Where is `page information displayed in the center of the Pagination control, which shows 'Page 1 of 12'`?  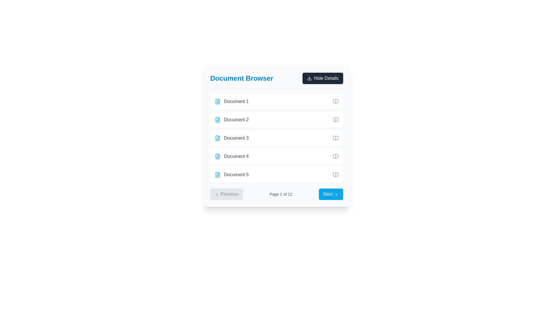 page information displayed in the center of the Pagination control, which shows 'Page 1 of 12' is located at coordinates (276, 194).